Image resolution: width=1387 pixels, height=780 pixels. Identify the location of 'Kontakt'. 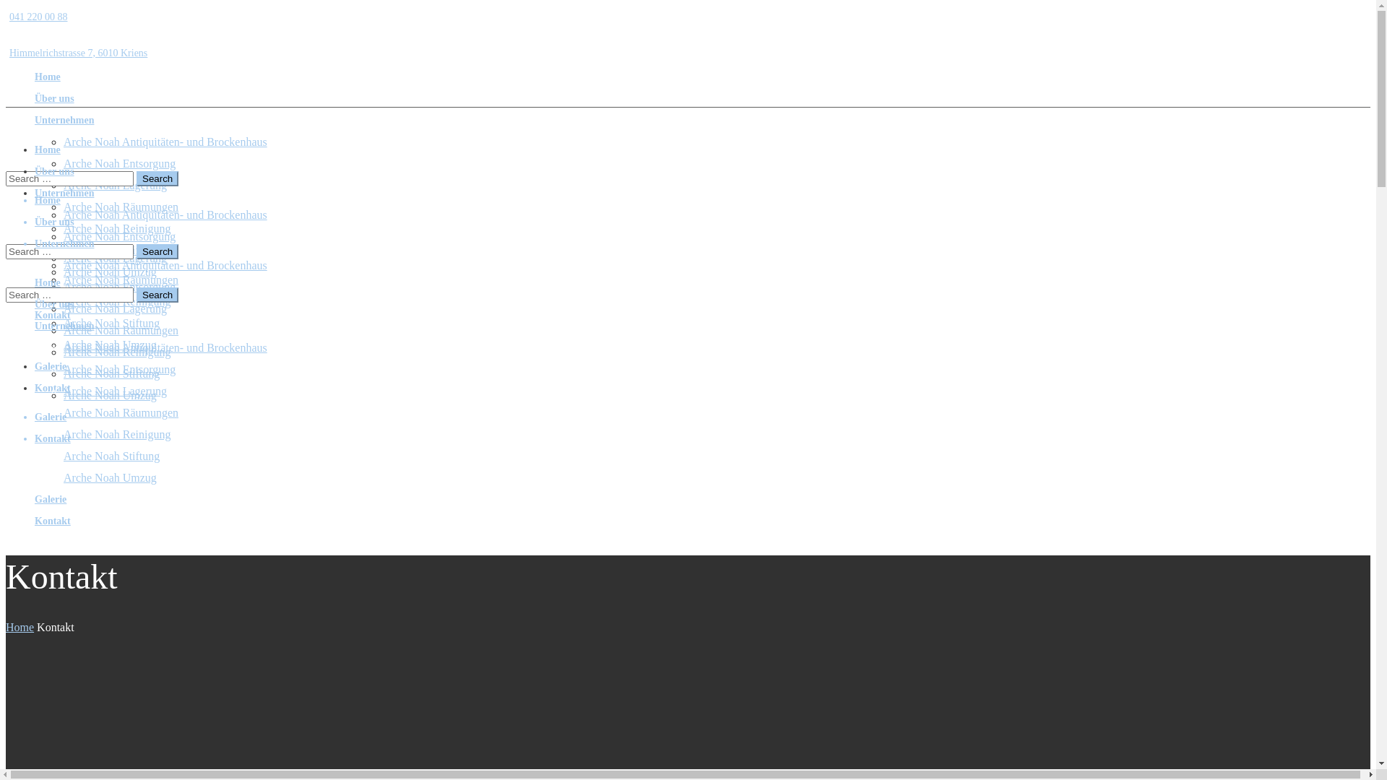
(52, 314).